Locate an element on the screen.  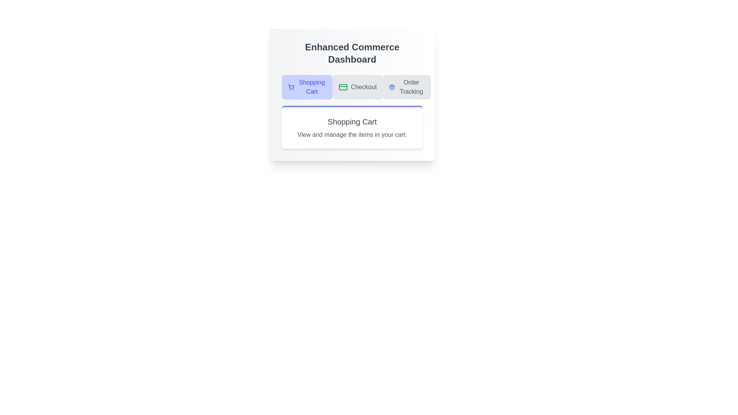
the Shopping Cart tab is located at coordinates (306, 87).